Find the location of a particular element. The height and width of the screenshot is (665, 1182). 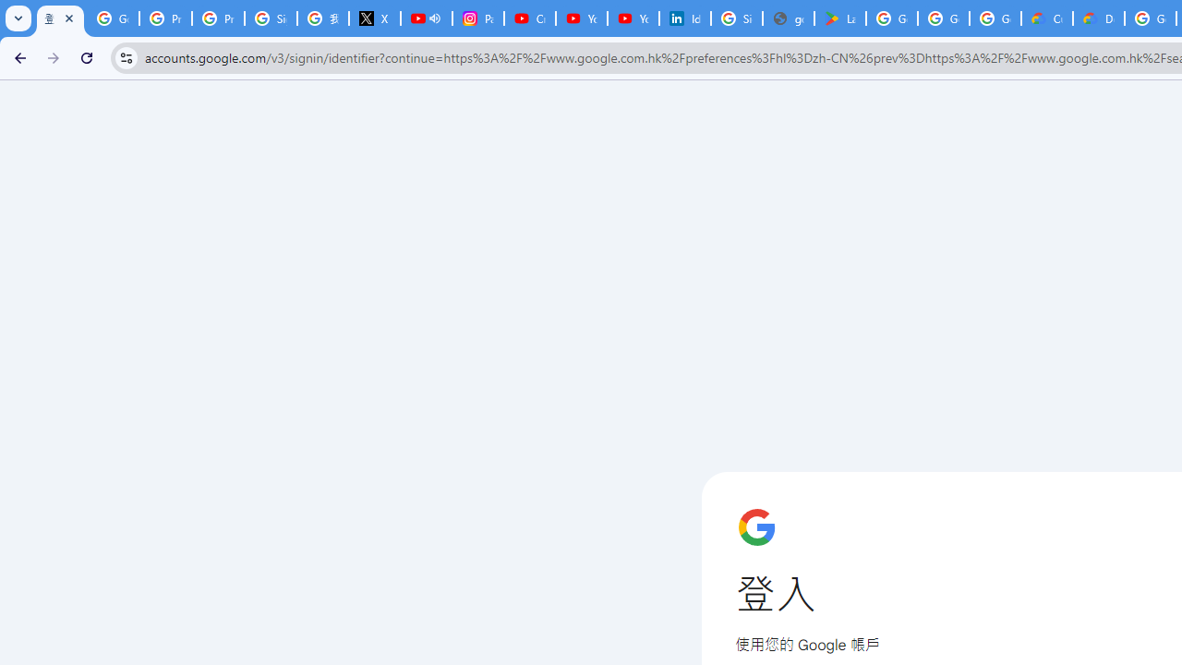

'YouTube Culture & Trends - YouTube Top 10, 2021' is located at coordinates (633, 18).